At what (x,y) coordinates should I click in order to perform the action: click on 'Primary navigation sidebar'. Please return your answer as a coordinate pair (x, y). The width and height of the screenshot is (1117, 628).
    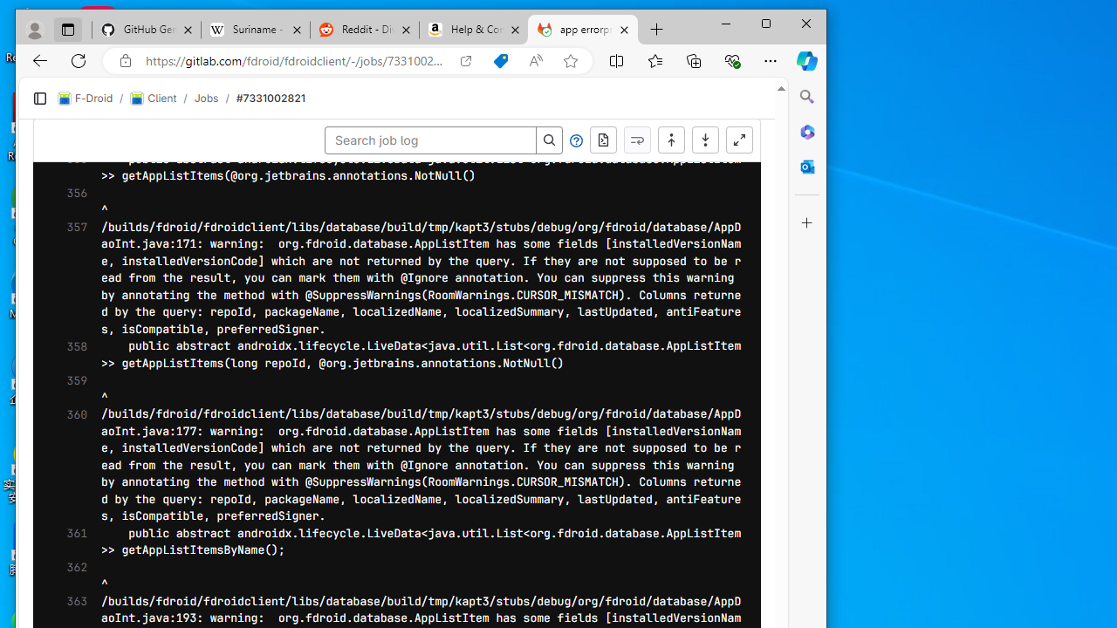
    Looking at the image, I should click on (39, 99).